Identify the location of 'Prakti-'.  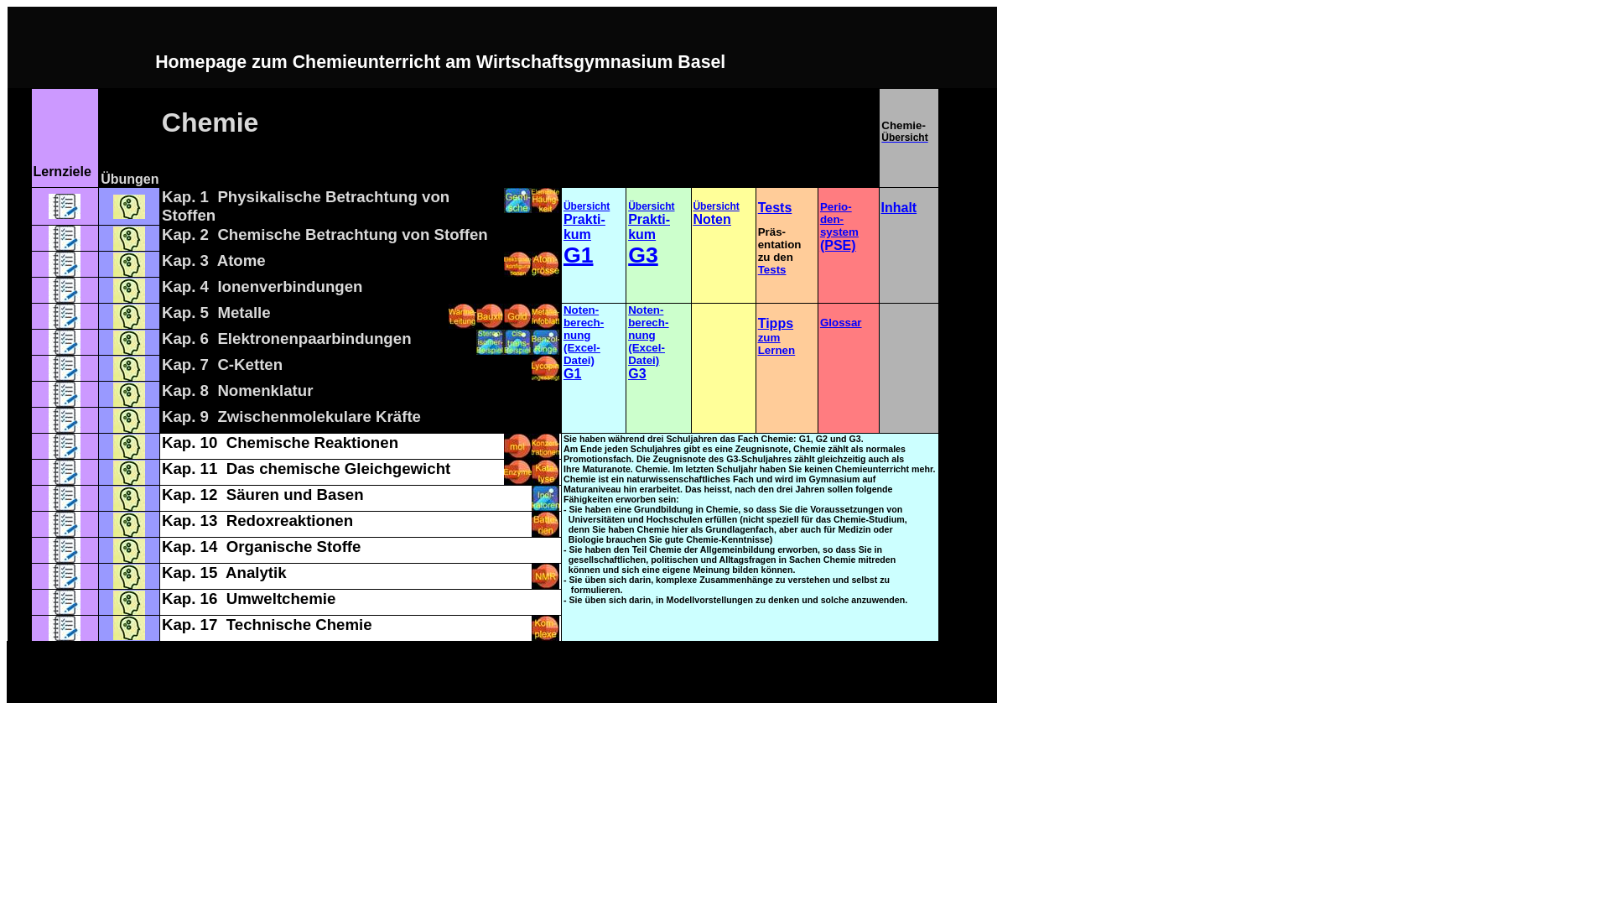
(647, 218).